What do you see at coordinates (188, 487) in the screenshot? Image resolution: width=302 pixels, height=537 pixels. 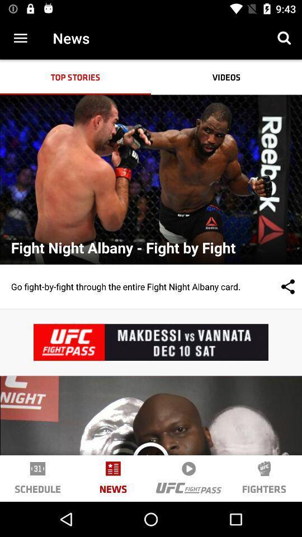 I see `the logo beside fighters` at bounding box center [188, 487].